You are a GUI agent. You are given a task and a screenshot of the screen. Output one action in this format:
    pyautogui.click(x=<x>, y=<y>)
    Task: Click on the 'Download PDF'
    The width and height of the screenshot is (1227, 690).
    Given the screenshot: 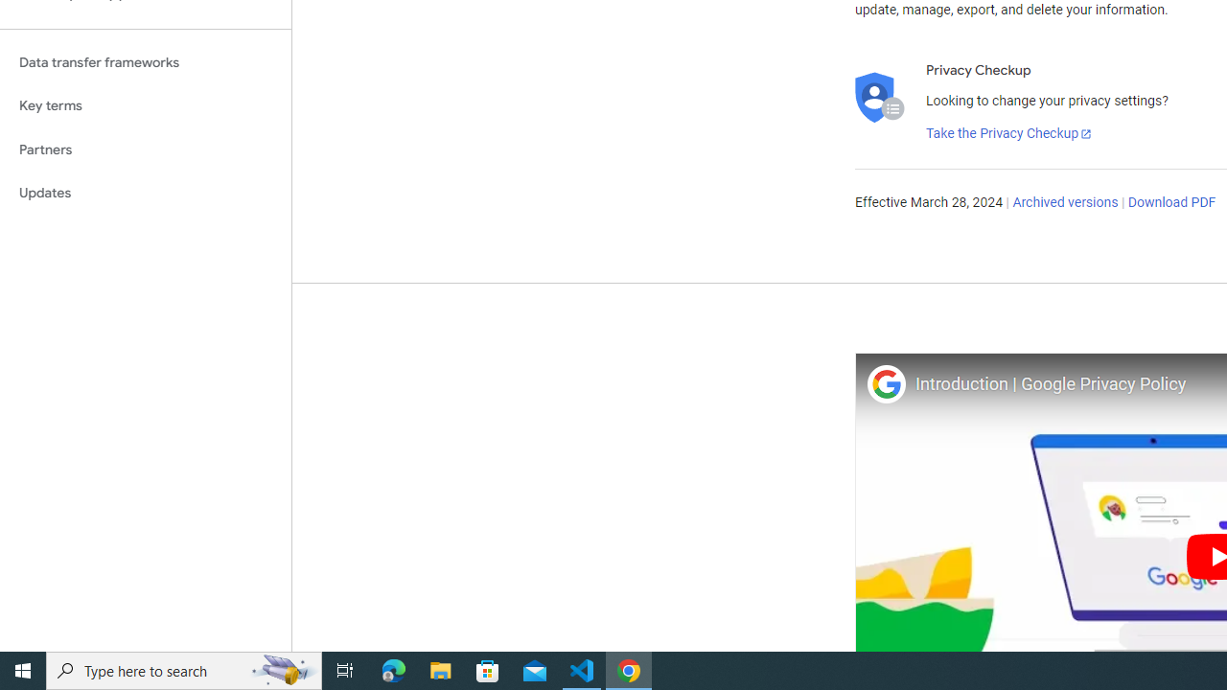 What is the action you would take?
    pyautogui.click(x=1170, y=203)
    